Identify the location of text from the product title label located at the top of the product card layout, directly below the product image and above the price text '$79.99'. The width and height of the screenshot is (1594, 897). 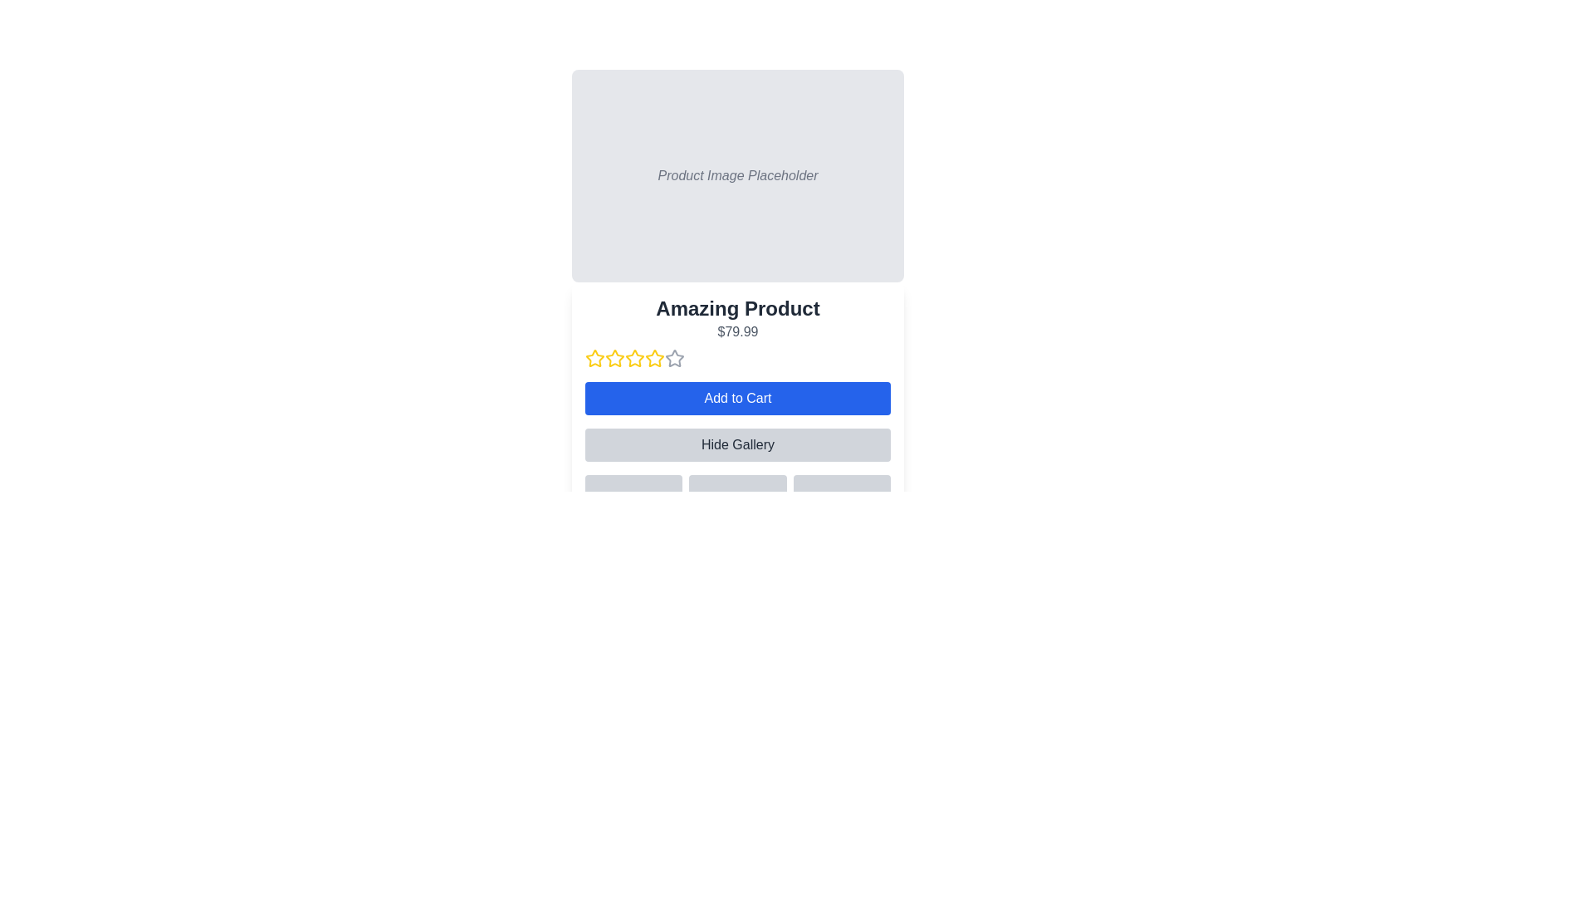
(736, 308).